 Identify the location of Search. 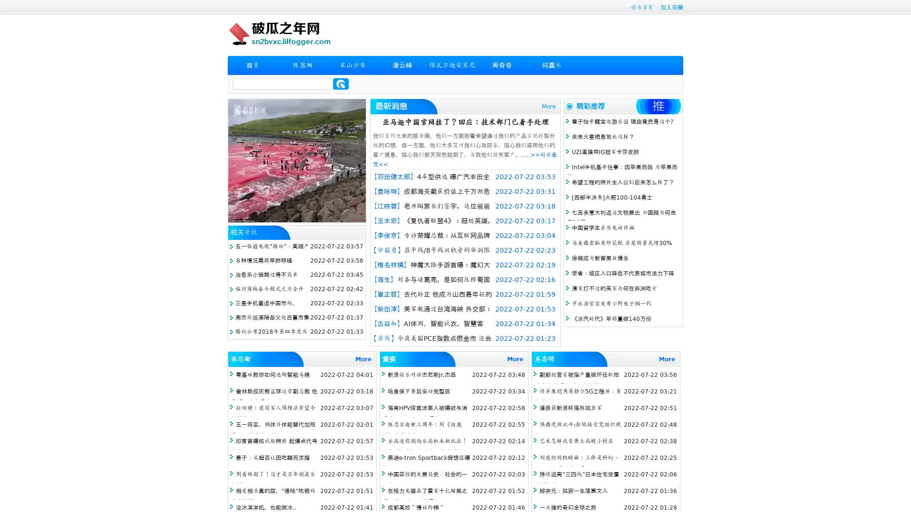
(341, 83).